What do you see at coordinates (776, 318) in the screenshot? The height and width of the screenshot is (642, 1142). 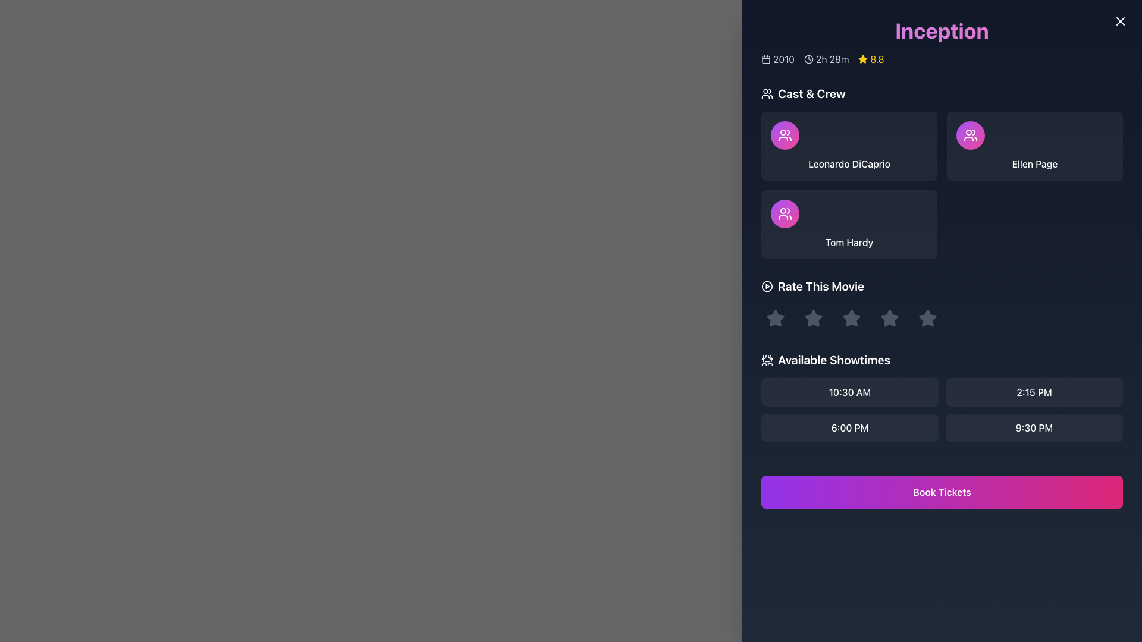 I see `the filled dark gray star icon, which is the first in a horizontal sequence of five rating icons under the 'Rate This Movie' section` at bounding box center [776, 318].